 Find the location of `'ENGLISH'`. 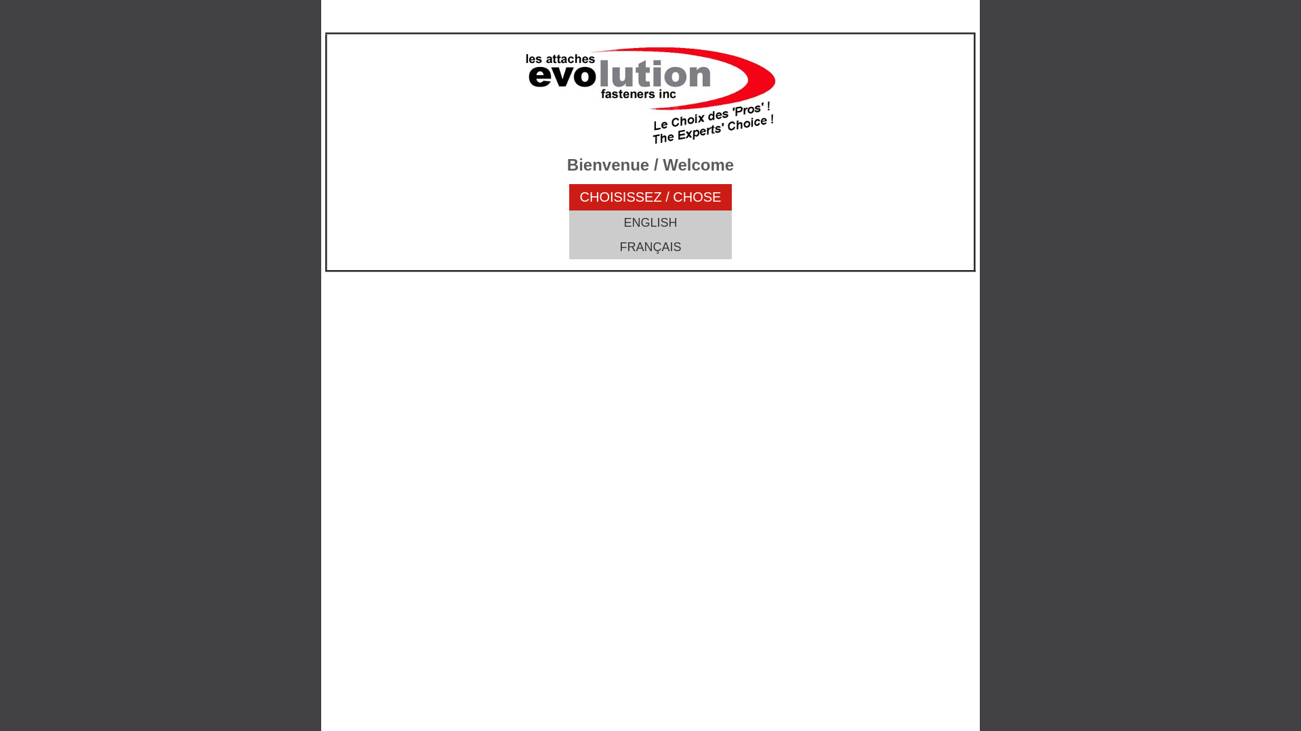

'ENGLISH' is located at coordinates (650, 221).